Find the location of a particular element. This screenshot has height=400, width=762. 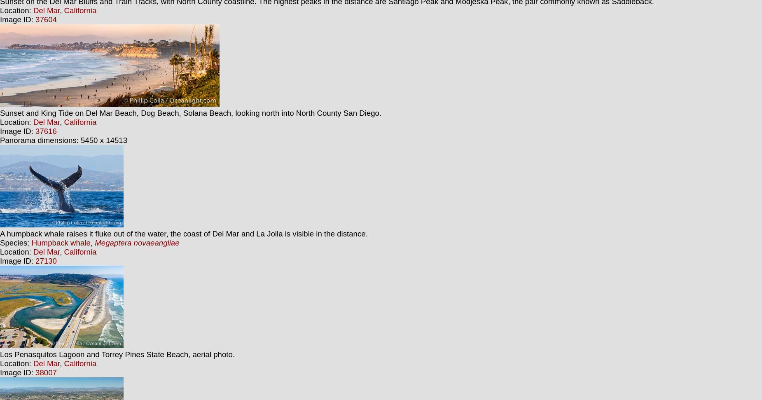

'Species:' is located at coordinates (15, 243).